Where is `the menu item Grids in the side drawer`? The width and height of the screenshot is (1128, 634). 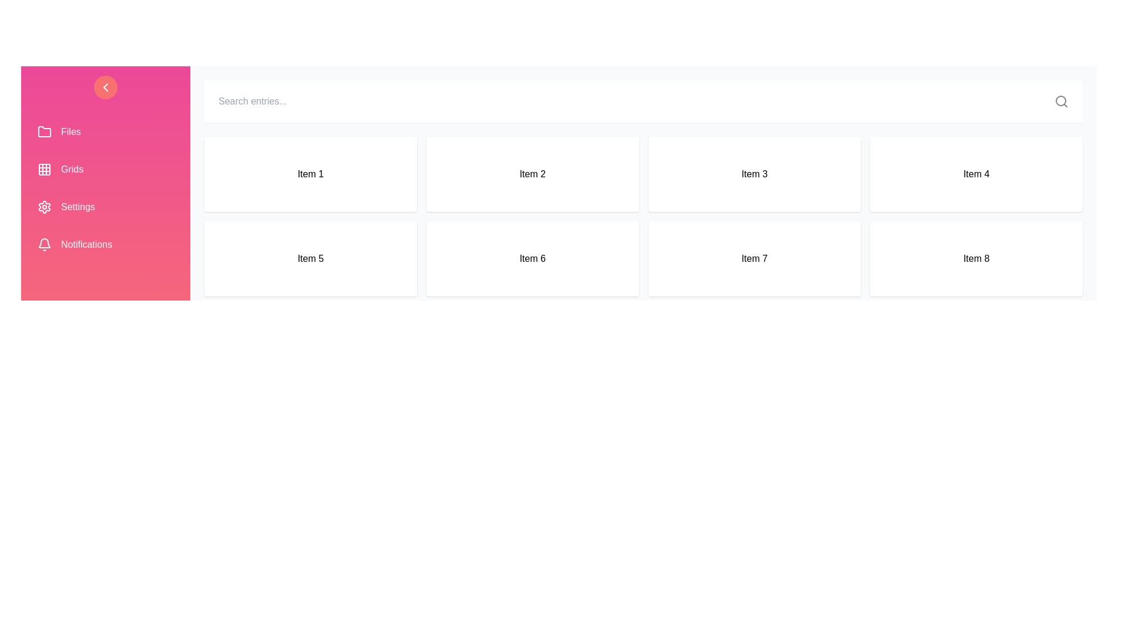
the menu item Grids in the side drawer is located at coordinates (106, 170).